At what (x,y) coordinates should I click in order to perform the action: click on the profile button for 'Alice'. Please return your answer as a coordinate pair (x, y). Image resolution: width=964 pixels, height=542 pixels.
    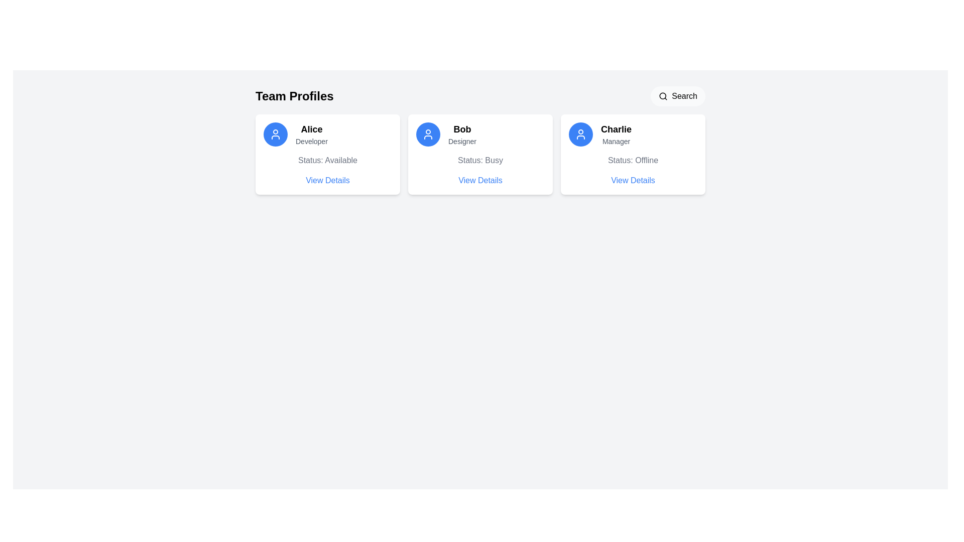
    Looking at the image, I should click on (275, 133).